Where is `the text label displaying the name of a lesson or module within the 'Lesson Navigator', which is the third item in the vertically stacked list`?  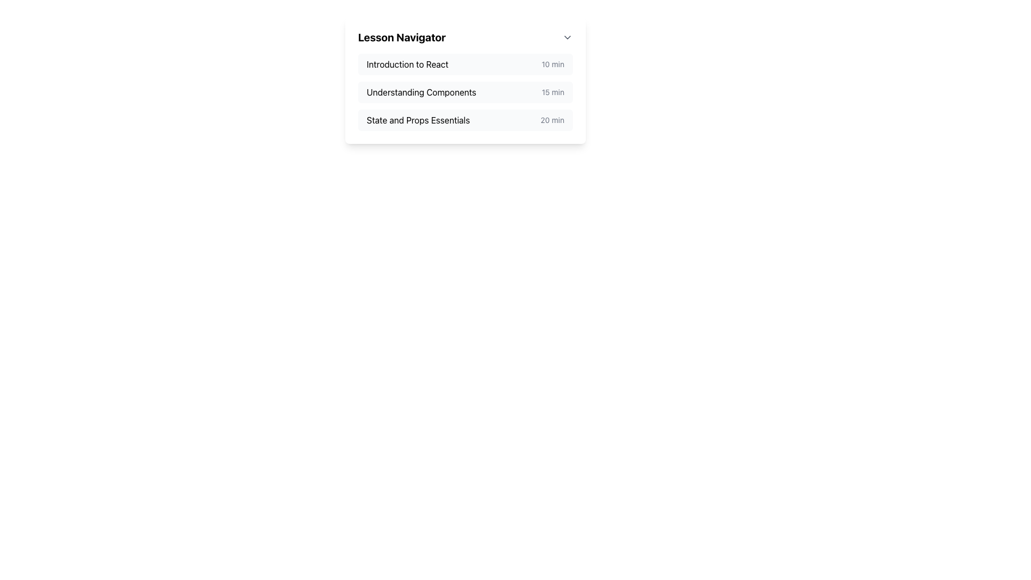 the text label displaying the name of a lesson or module within the 'Lesson Navigator', which is the third item in the vertically stacked list is located at coordinates (418, 120).